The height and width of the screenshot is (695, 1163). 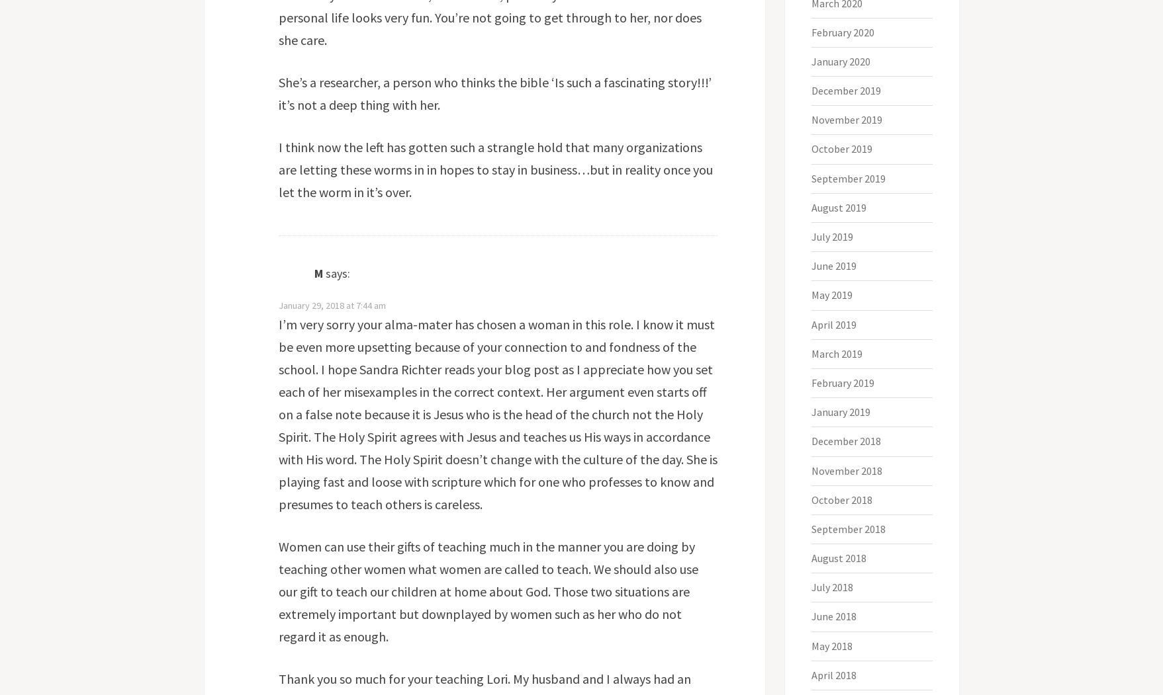 What do you see at coordinates (811, 206) in the screenshot?
I see `'August 2019'` at bounding box center [811, 206].